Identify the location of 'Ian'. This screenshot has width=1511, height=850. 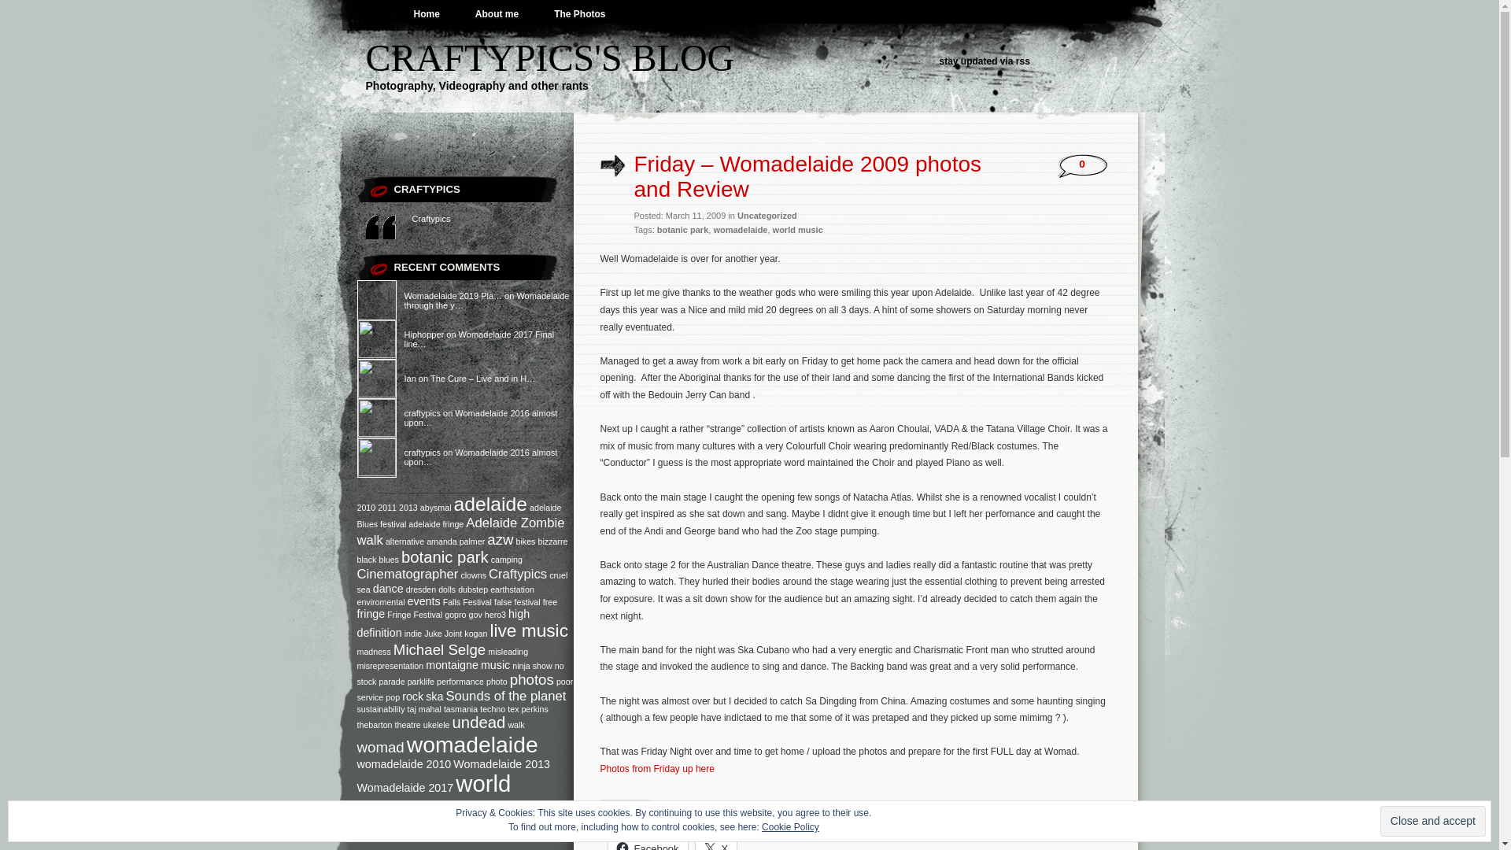
(357, 379).